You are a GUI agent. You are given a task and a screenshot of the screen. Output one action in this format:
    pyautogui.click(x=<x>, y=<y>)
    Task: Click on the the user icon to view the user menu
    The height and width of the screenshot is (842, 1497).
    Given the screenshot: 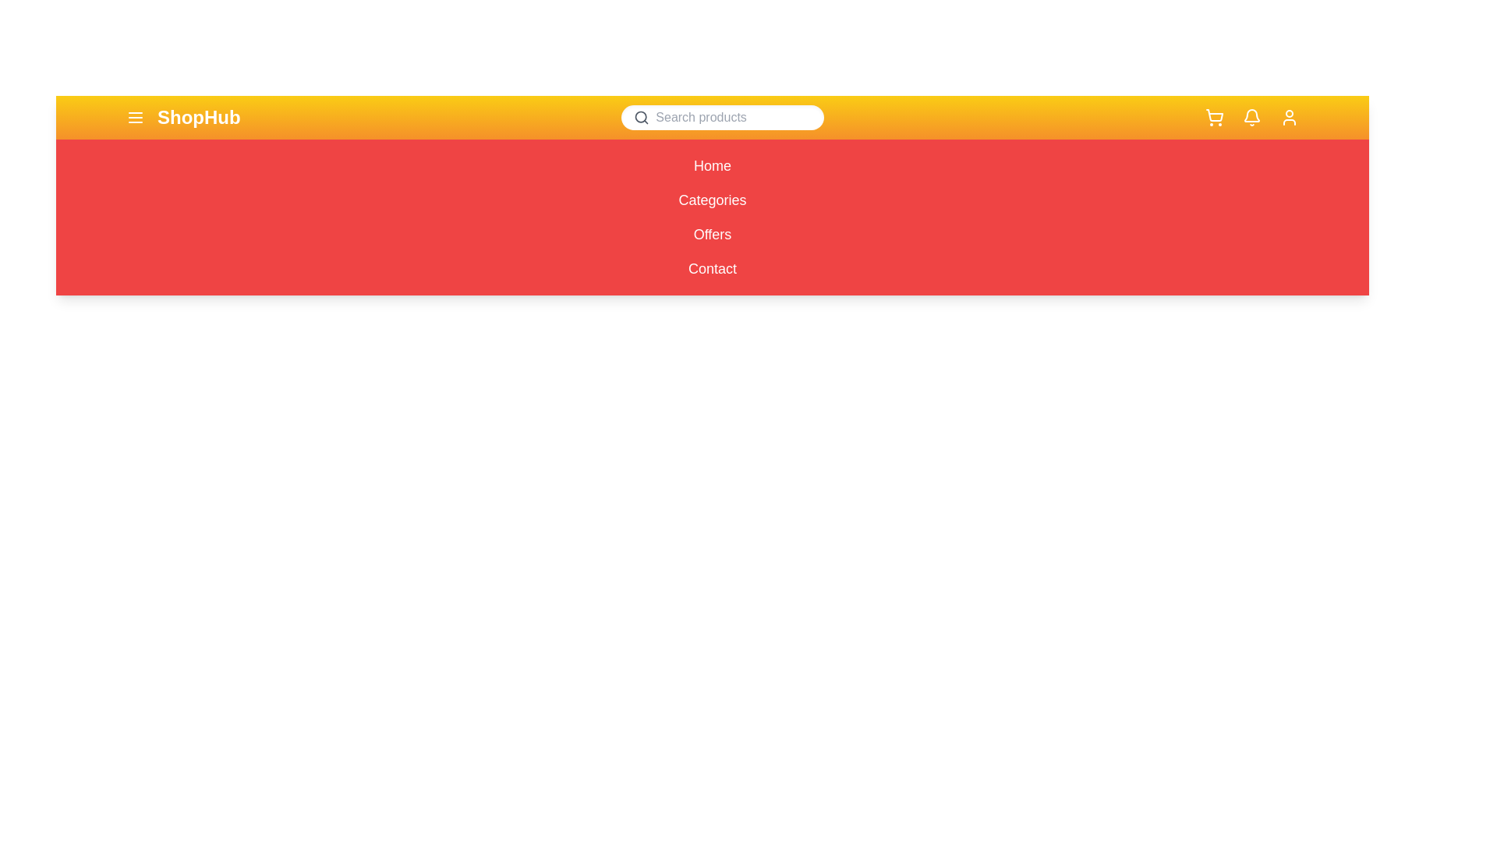 What is the action you would take?
    pyautogui.click(x=1289, y=116)
    